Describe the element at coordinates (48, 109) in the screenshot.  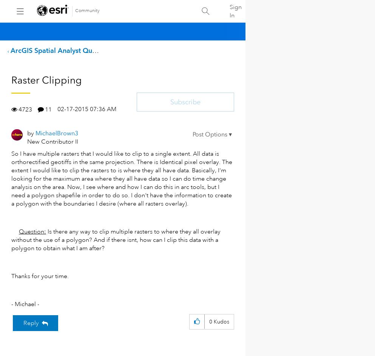
I see `'11'` at that location.